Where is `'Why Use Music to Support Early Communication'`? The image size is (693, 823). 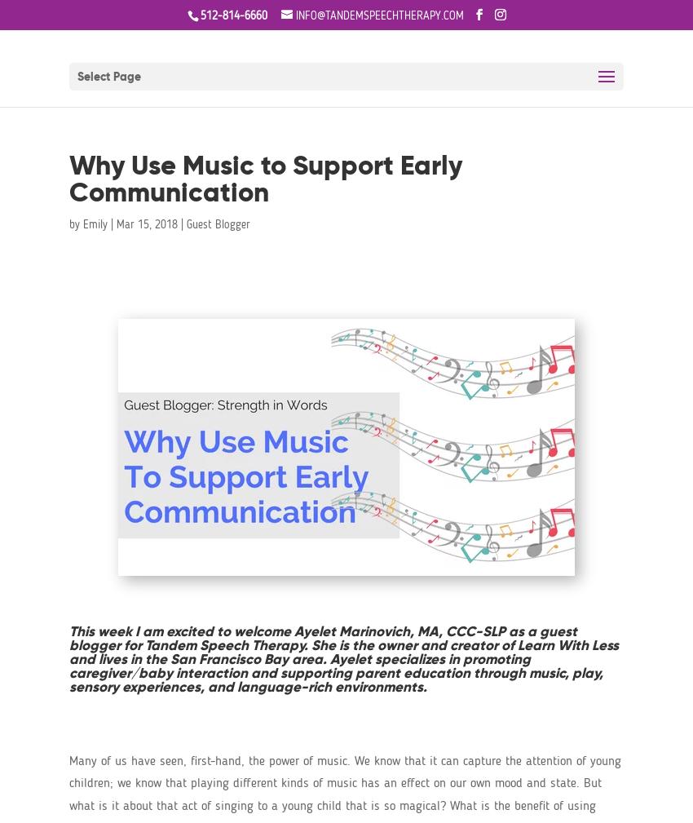
'Why Use Music to Support Early Communication' is located at coordinates (265, 178).